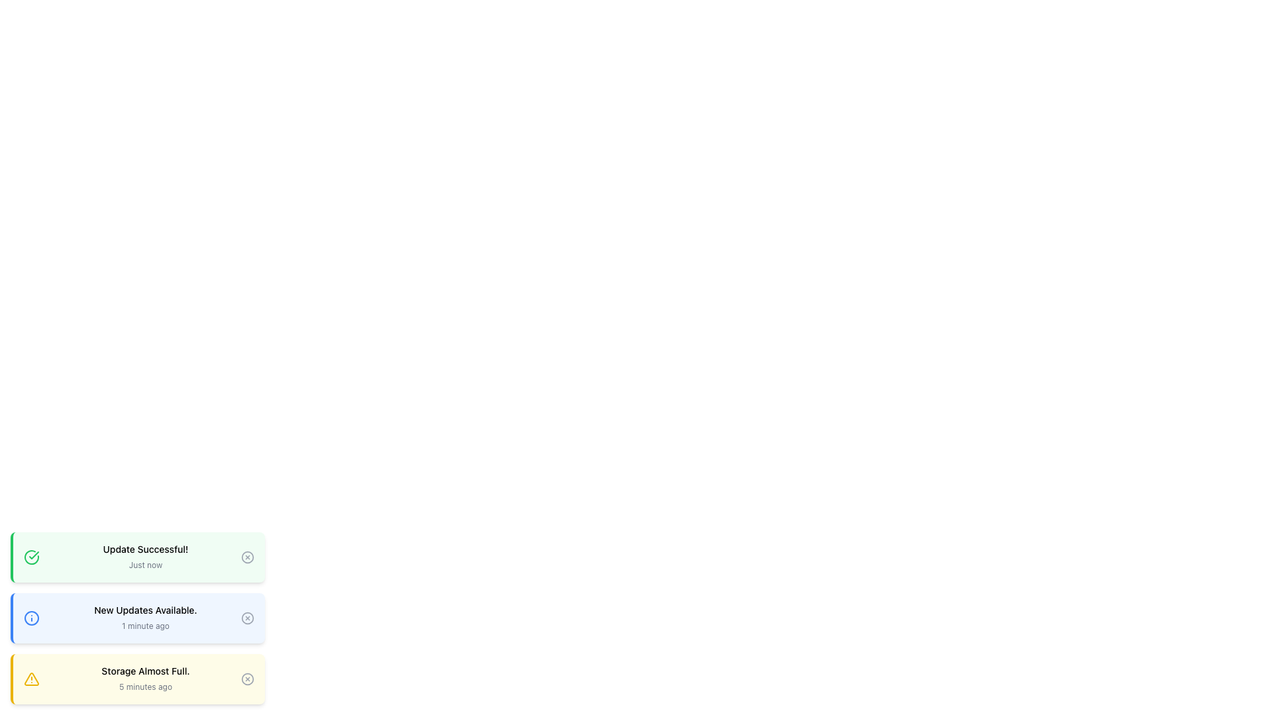 The width and height of the screenshot is (1272, 715). What do you see at coordinates (146, 565) in the screenshot?
I see `the text label displaying 'Just now' located below the title 'Update Successful!' in the first notification card` at bounding box center [146, 565].